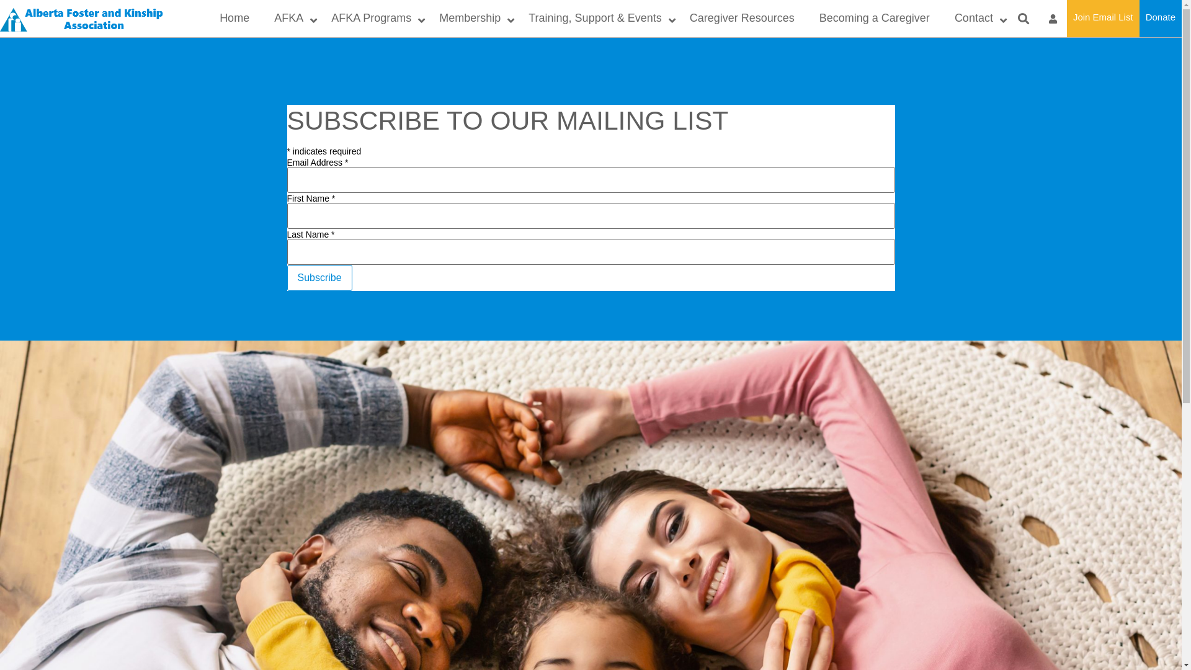 The width and height of the screenshot is (1191, 670). I want to click on 'Home', so click(234, 18).